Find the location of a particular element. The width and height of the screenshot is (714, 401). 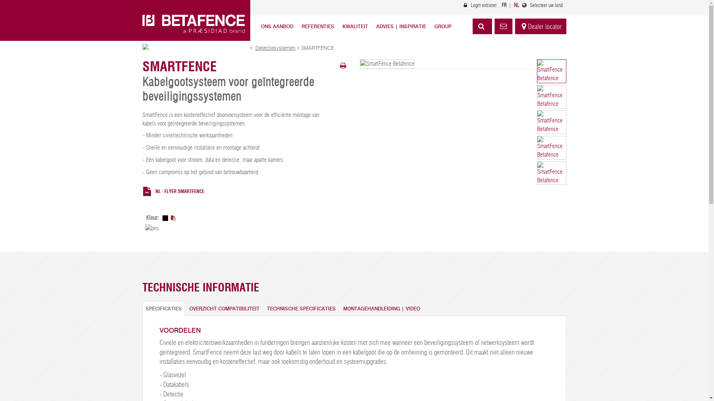

'FR' is located at coordinates (504, 5).